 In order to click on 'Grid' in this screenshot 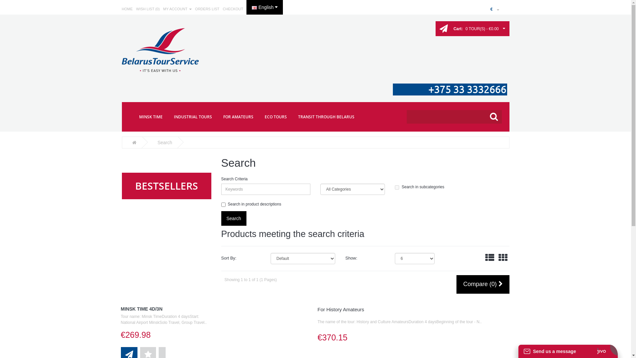, I will do `click(503, 258)`.